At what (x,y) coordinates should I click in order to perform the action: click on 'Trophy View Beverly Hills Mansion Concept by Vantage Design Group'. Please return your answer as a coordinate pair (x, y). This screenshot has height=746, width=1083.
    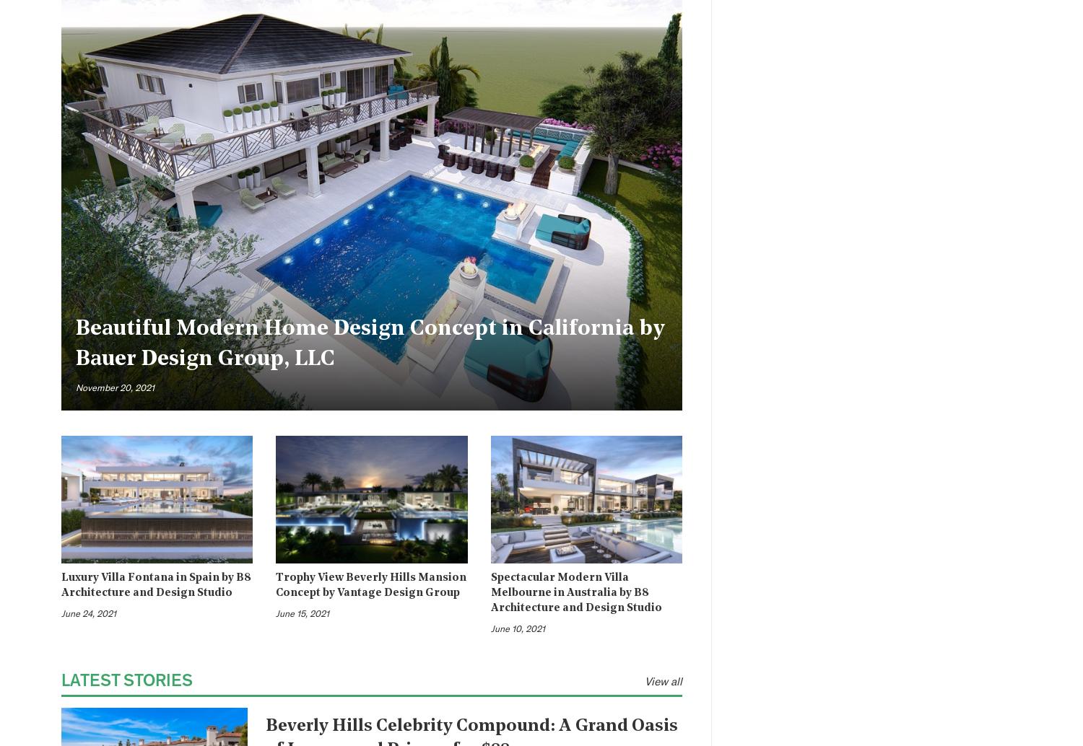
    Looking at the image, I should click on (371, 585).